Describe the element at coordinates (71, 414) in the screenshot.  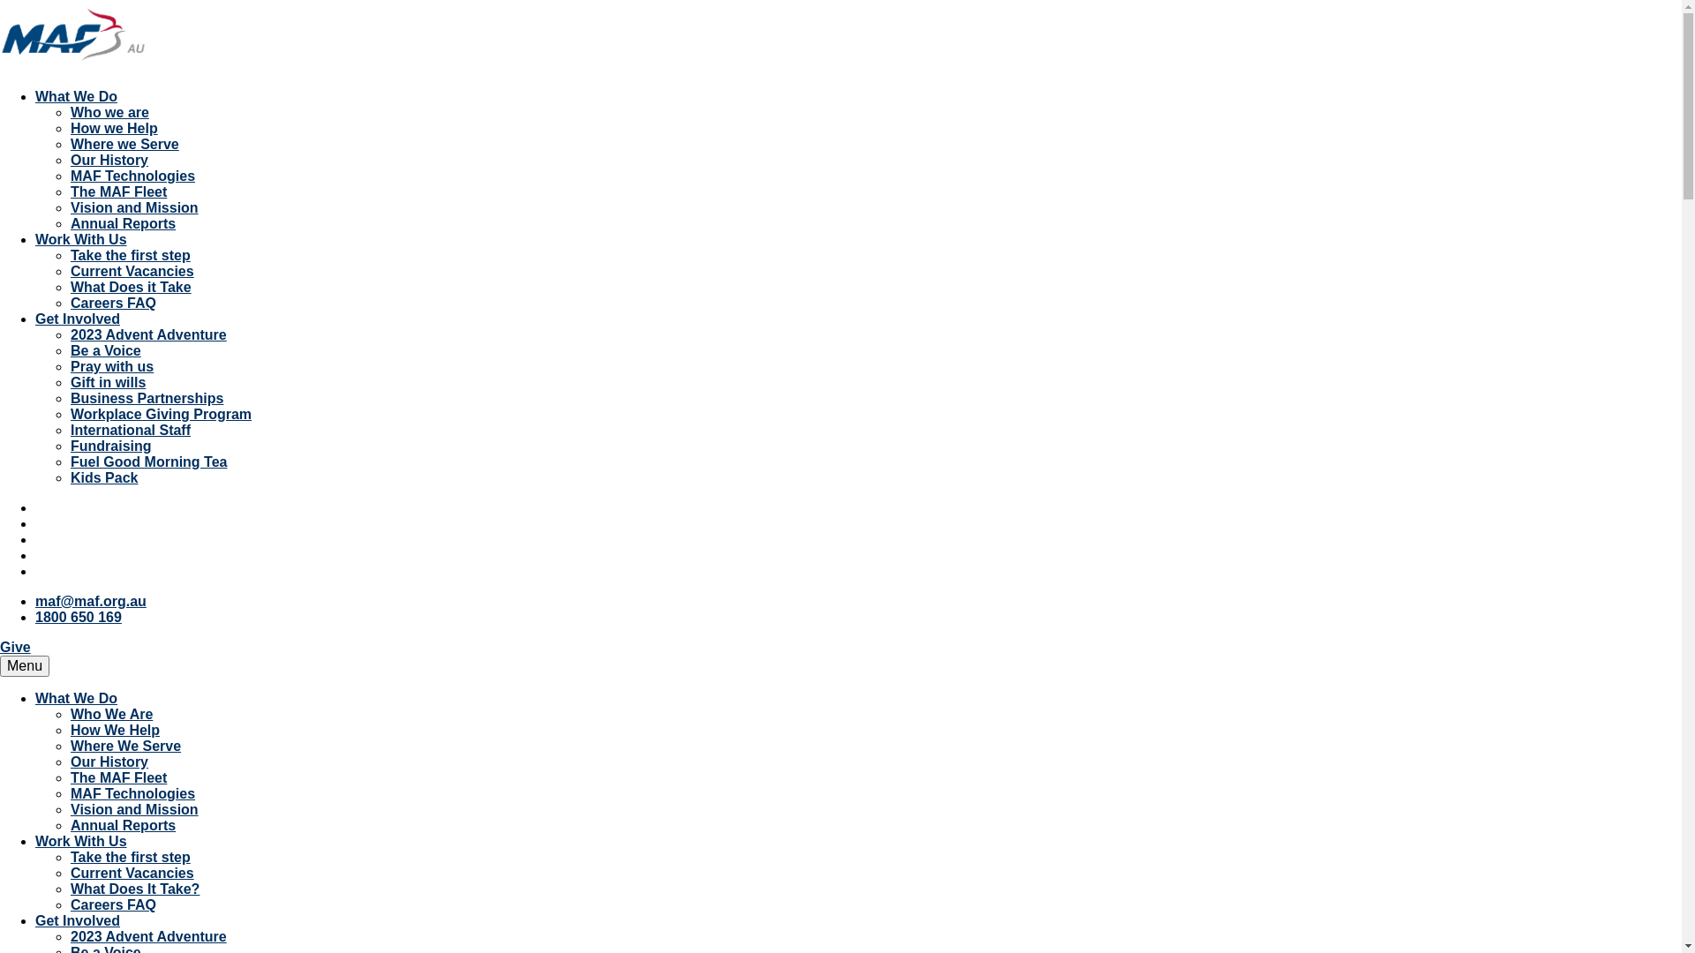
I see `'Workplace Giving Program'` at that location.